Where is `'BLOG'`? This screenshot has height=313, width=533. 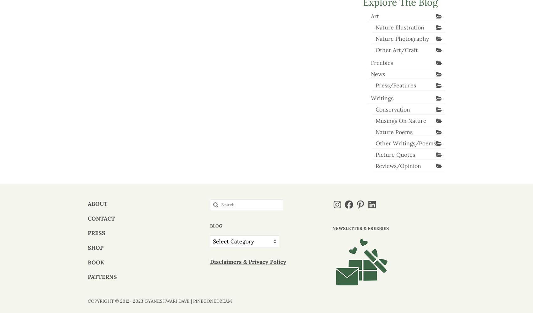
'BLOG' is located at coordinates (216, 225).